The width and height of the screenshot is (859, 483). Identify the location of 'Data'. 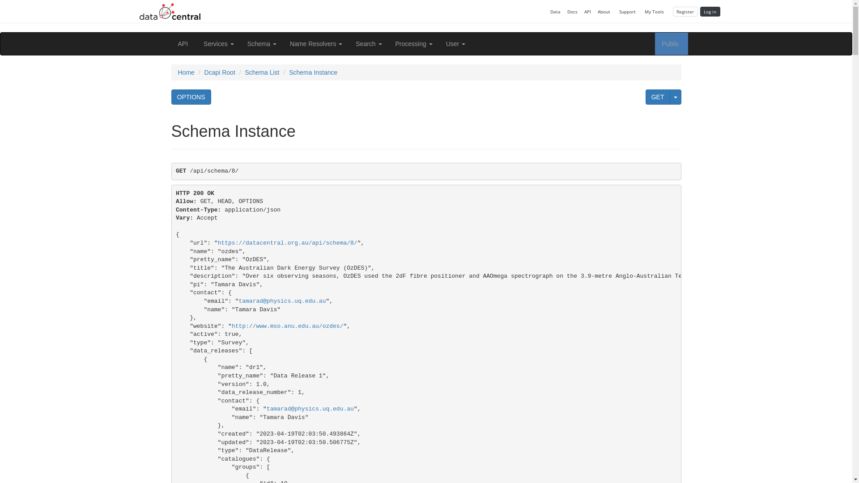
(555, 12).